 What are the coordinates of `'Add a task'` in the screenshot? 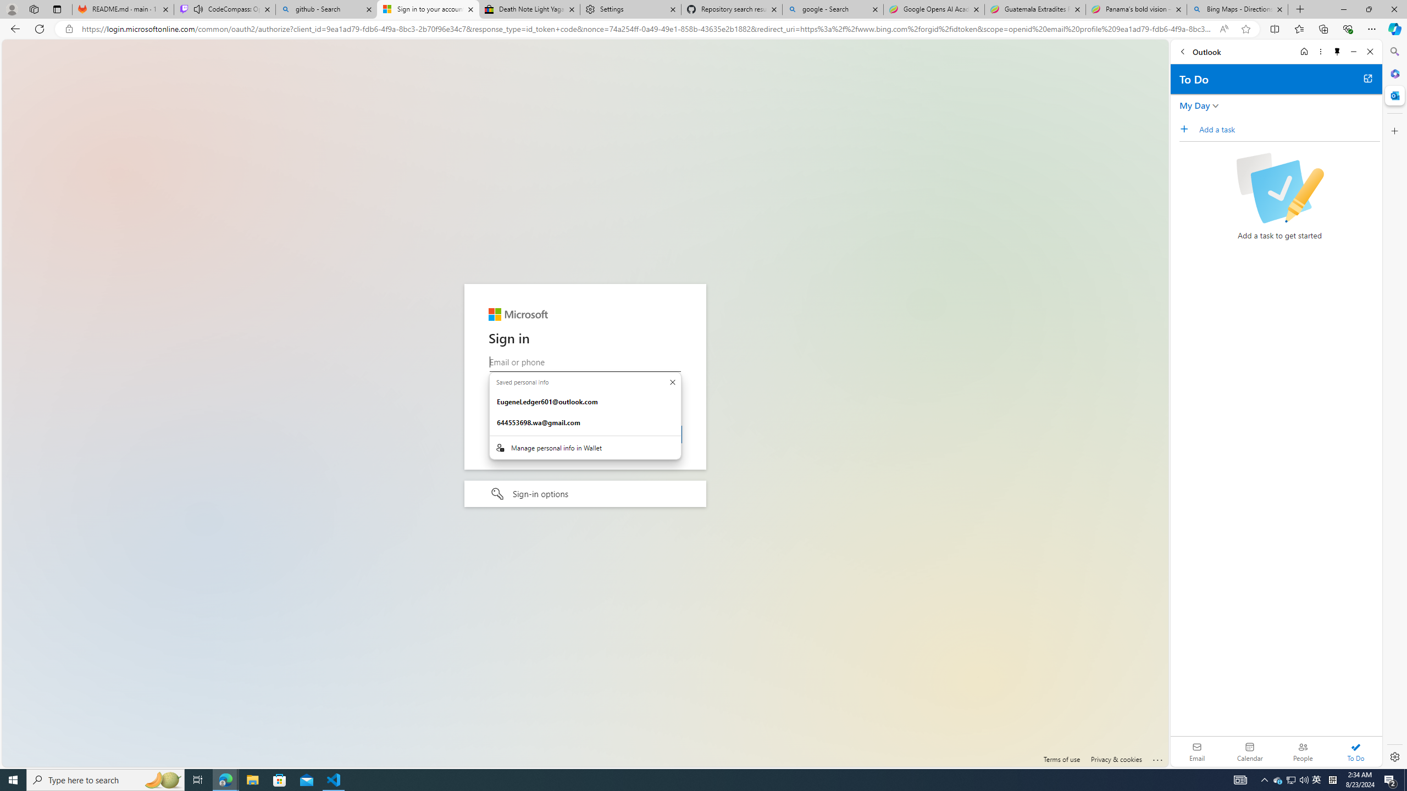 It's located at (1289, 129).